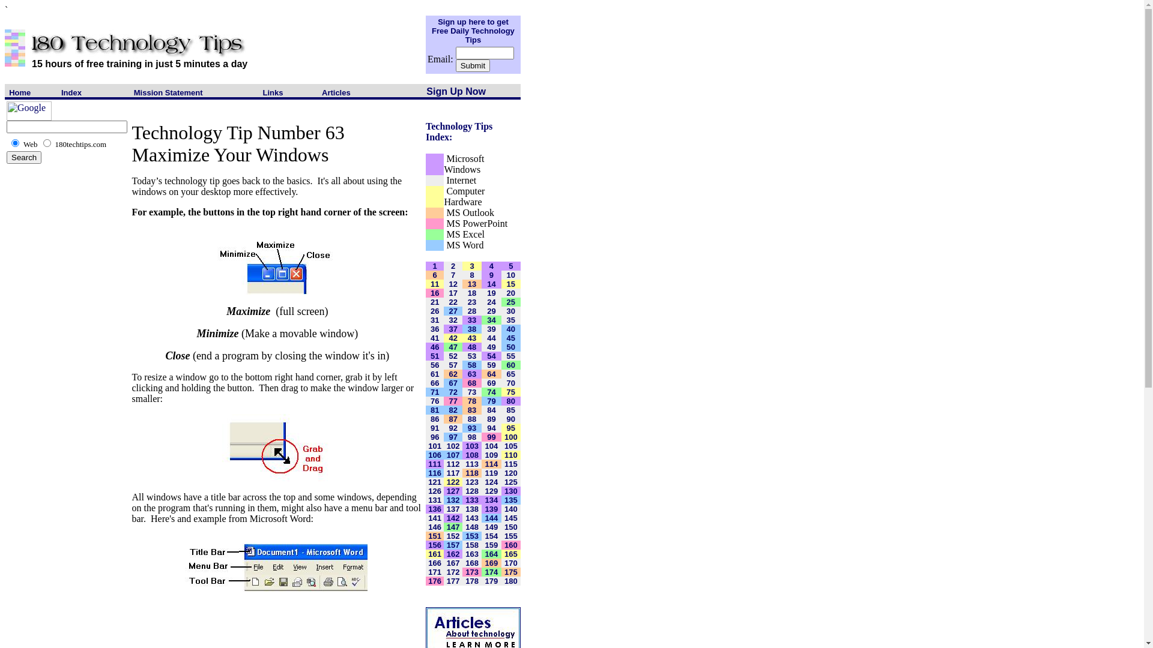  I want to click on '72', so click(448, 392).